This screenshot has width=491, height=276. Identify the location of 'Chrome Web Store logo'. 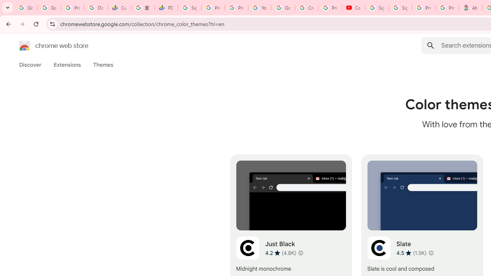
(25, 46).